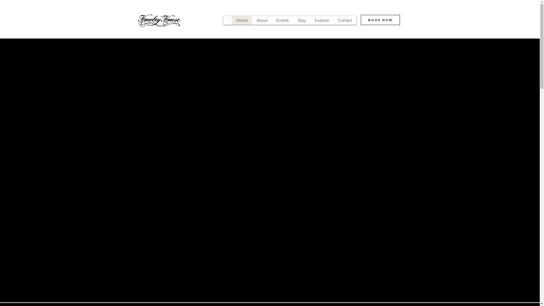 The image size is (544, 306). What do you see at coordinates (321, 20) in the screenshot?
I see `'Explore'` at bounding box center [321, 20].